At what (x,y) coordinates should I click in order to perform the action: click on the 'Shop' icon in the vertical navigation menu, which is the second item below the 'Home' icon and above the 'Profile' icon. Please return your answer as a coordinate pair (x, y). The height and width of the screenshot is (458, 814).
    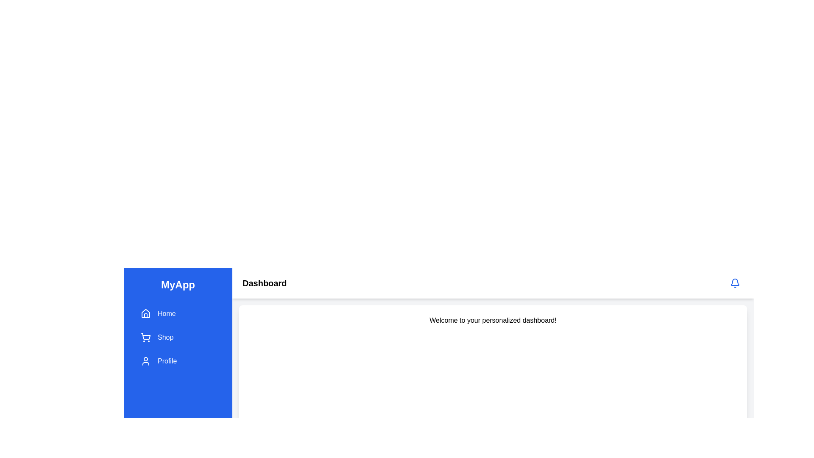
    Looking at the image, I should click on (146, 337).